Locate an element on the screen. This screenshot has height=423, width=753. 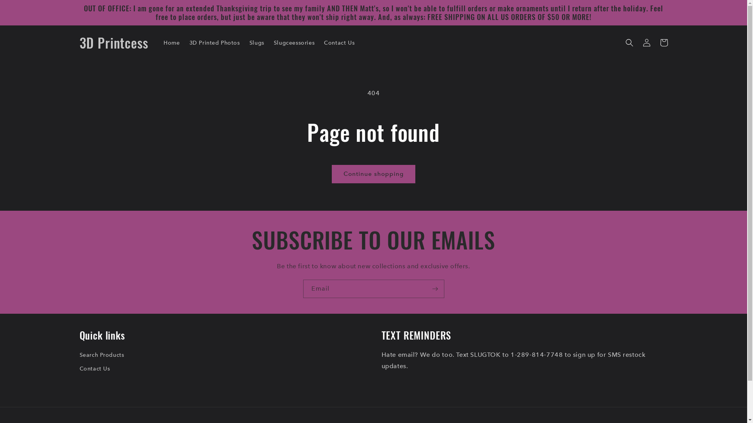
'Slugs' is located at coordinates (256, 42).